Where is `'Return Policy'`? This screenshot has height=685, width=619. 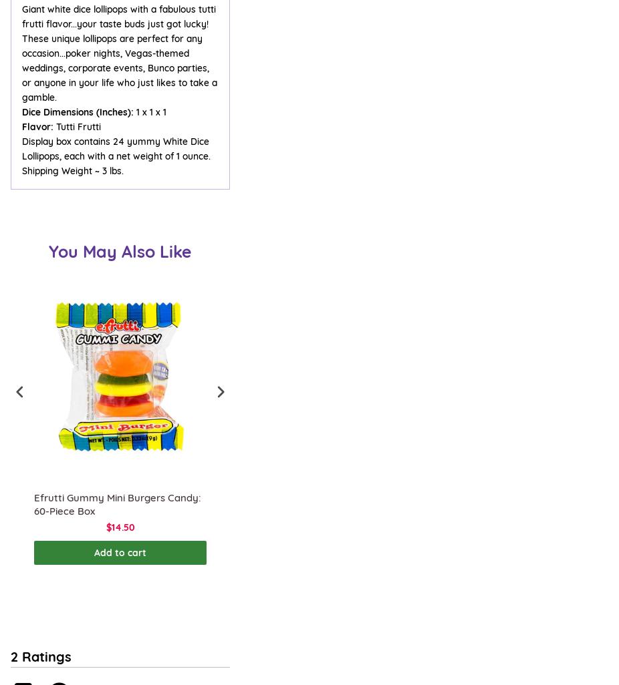 'Return Policy' is located at coordinates (38, 111).